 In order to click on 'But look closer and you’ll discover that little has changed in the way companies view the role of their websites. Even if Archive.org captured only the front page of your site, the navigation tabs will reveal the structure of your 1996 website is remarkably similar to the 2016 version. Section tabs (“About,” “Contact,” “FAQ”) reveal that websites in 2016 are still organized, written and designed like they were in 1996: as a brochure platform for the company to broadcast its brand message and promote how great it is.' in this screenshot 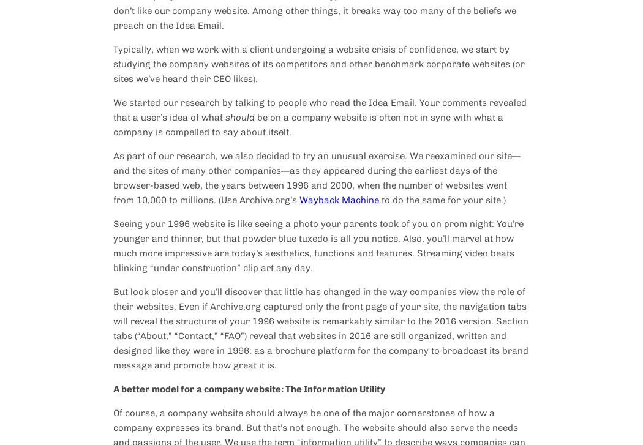, I will do `click(320, 328)`.